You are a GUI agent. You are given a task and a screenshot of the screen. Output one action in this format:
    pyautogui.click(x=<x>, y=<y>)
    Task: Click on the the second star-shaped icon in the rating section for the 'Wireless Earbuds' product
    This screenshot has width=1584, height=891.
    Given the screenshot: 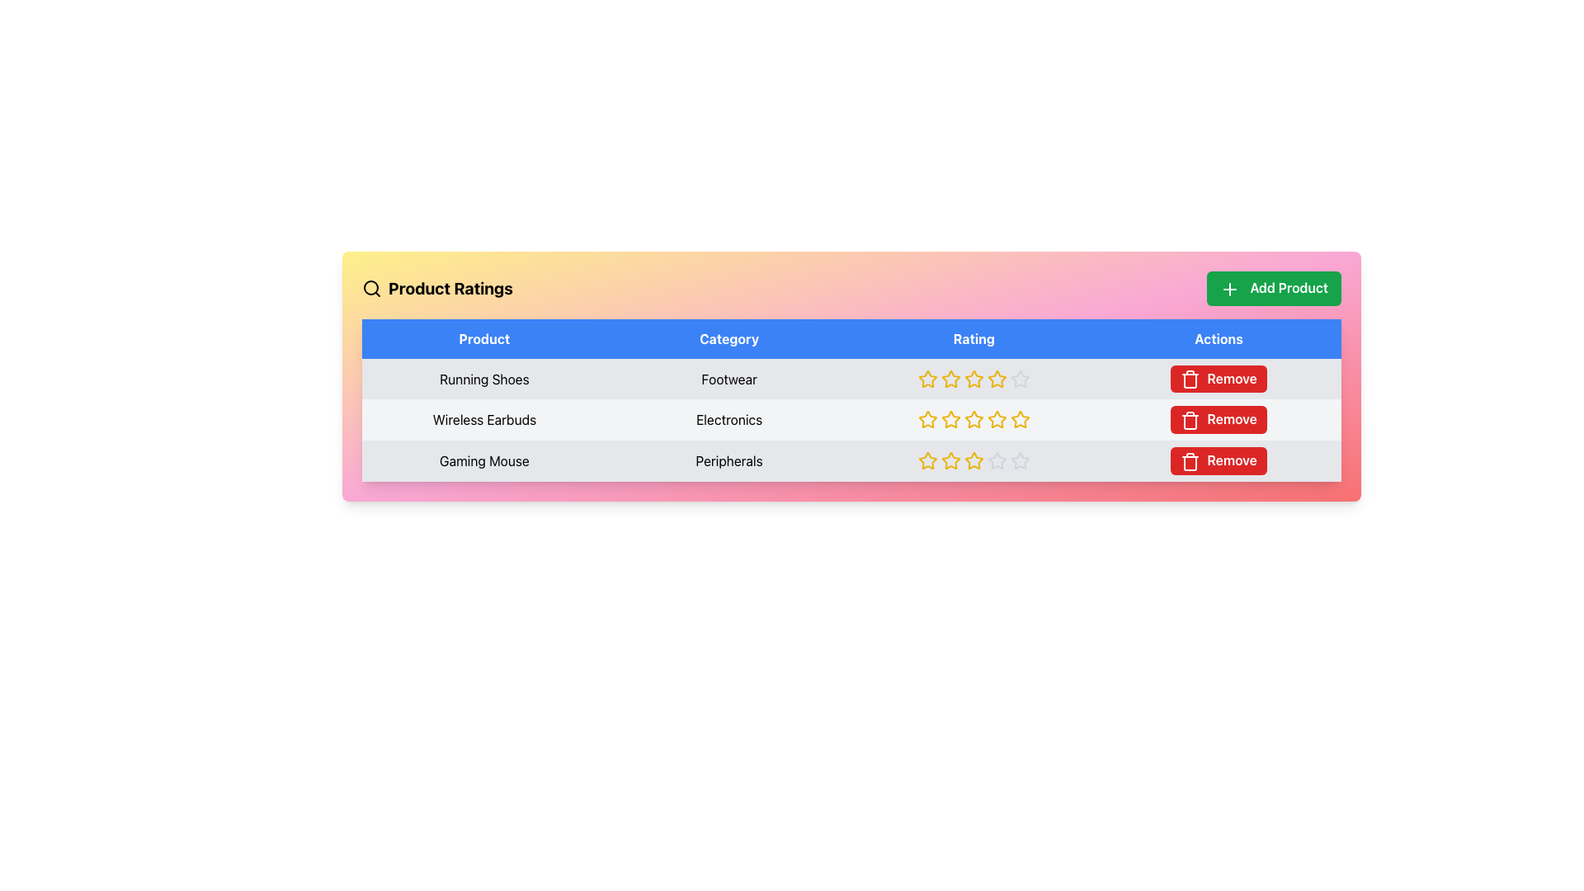 What is the action you would take?
    pyautogui.click(x=950, y=418)
    